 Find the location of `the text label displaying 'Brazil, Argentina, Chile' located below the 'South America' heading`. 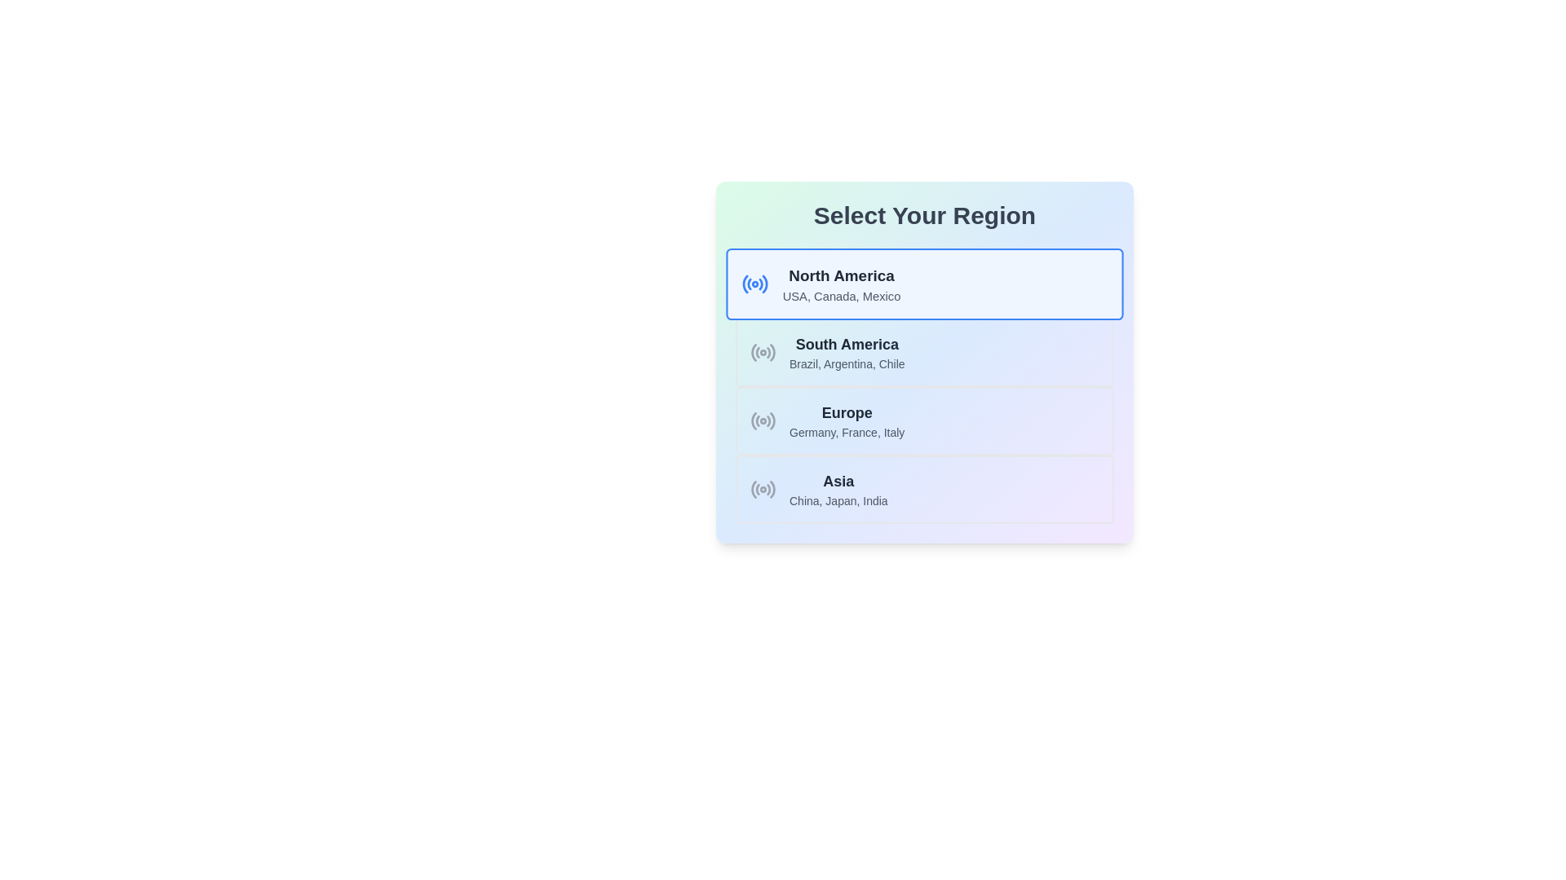

the text label displaying 'Brazil, Argentina, Chile' located below the 'South America' heading is located at coordinates (847, 363).